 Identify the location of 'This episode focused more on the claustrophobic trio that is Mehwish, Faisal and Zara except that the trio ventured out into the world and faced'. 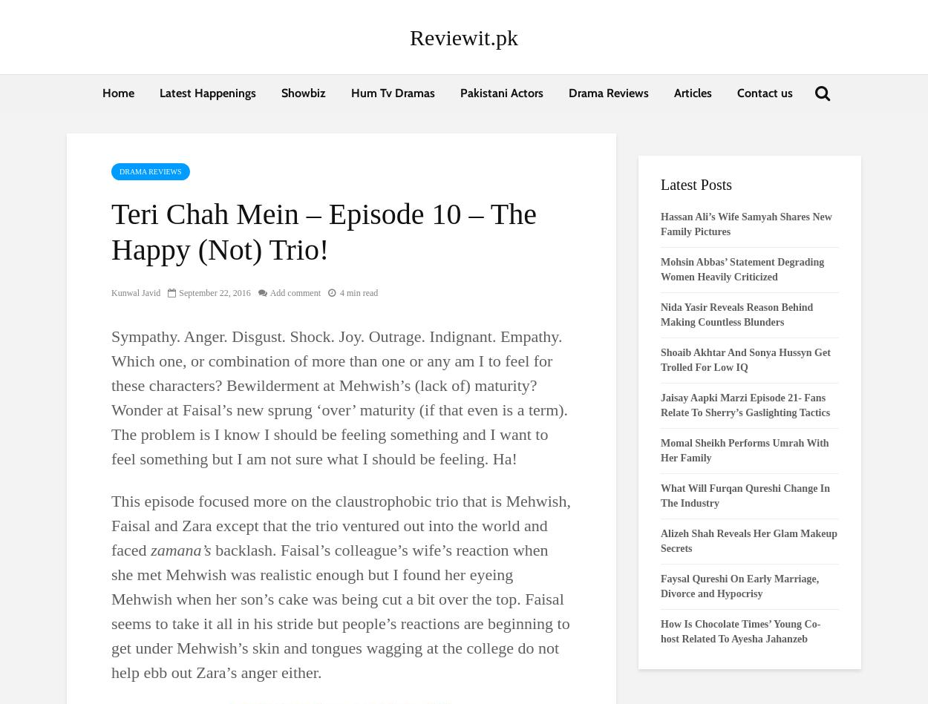
(340, 525).